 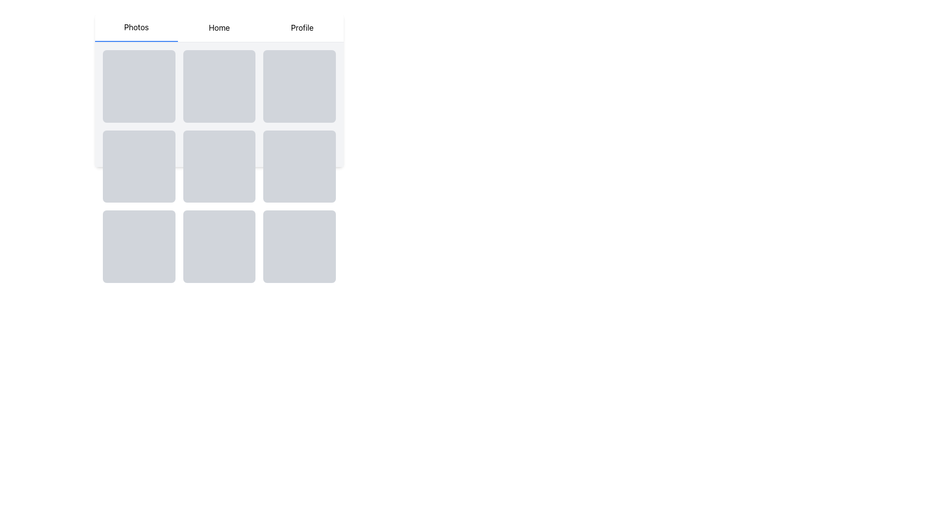 What do you see at coordinates (219, 246) in the screenshot?
I see `the center tile in the bottom row of the 3x3 grid layout` at bounding box center [219, 246].